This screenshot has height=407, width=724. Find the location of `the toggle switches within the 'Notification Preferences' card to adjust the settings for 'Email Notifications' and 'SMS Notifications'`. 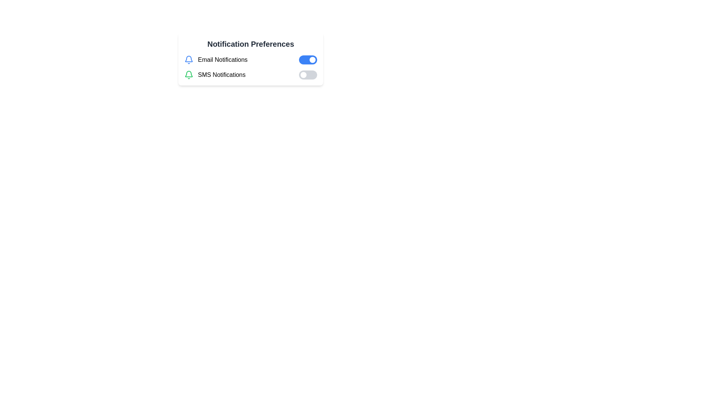

the toggle switches within the 'Notification Preferences' card to adjust the settings for 'Email Notifications' and 'SMS Notifications' is located at coordinates (251, 67).